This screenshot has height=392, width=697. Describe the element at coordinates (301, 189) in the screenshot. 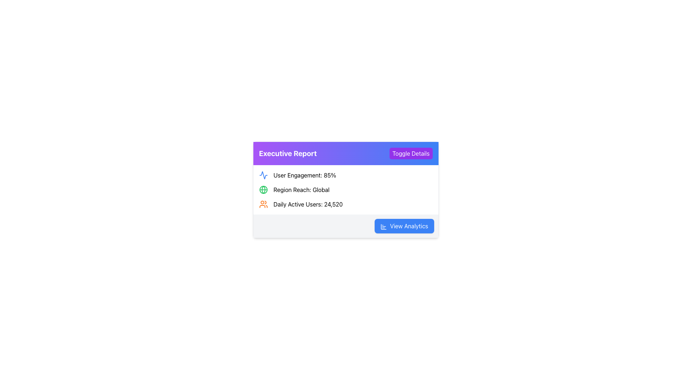

I see `the text label that displays 'Region Reach: Global', which is located in the second row of a vertical list under the purple header 'Executive Report'` at that location.